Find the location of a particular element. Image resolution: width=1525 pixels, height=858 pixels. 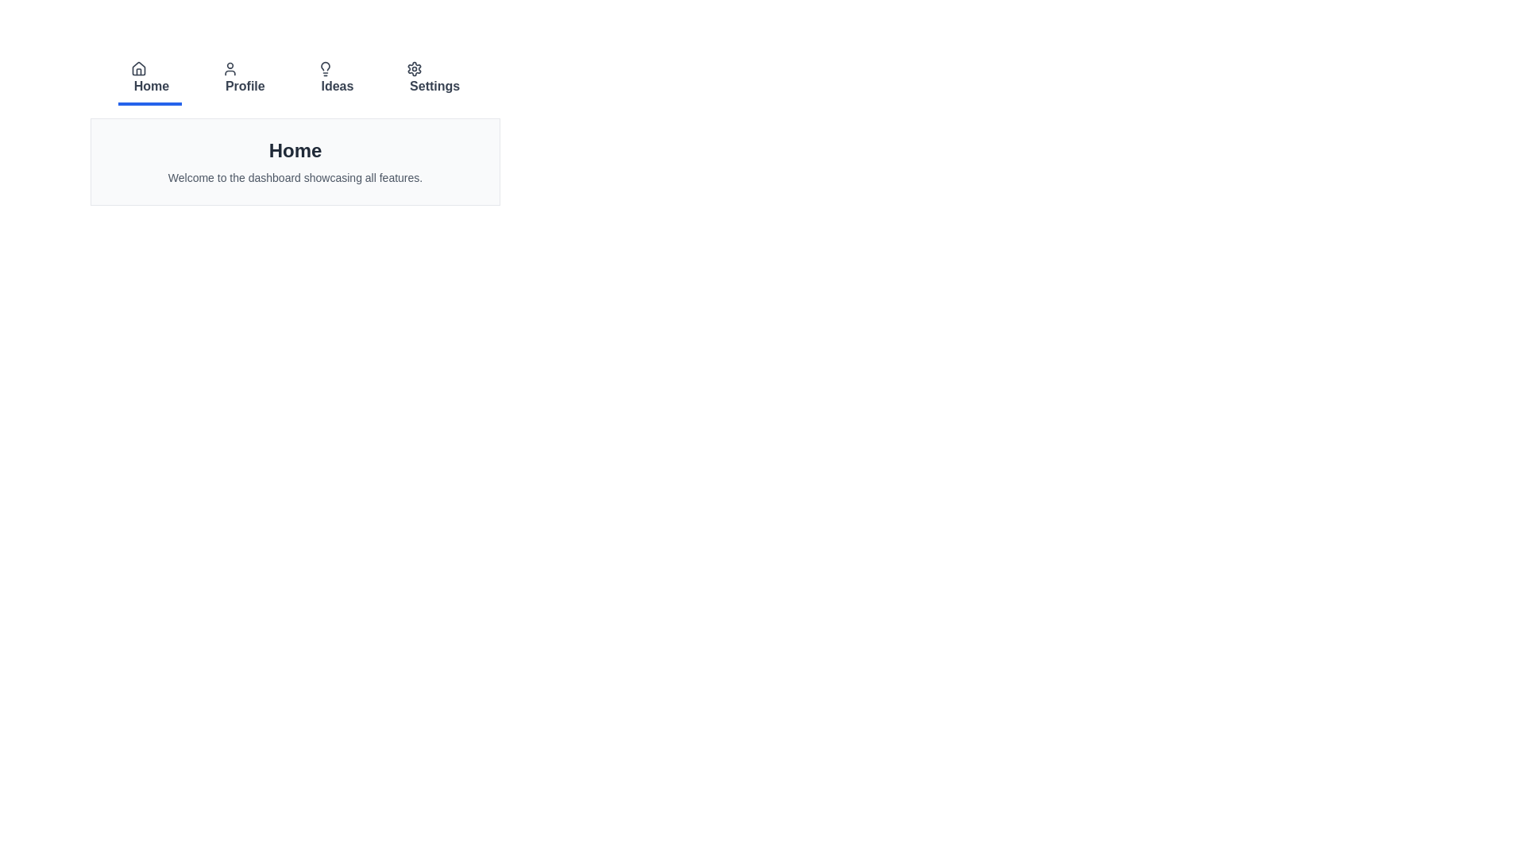

the tab labeled Settings to view its content is located at coordinates (433, 79).